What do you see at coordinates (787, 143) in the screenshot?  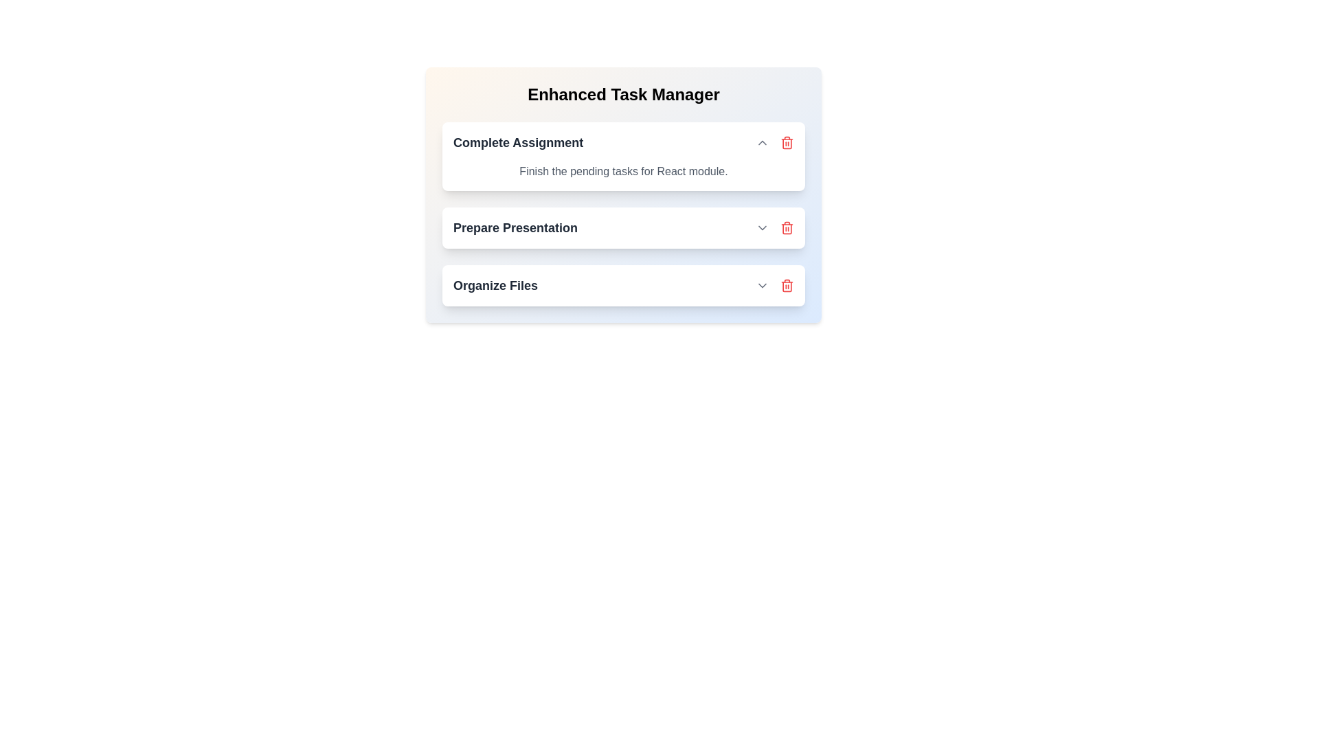 I see `the task titled Complete Assignment` at bounding box center [787, 143].